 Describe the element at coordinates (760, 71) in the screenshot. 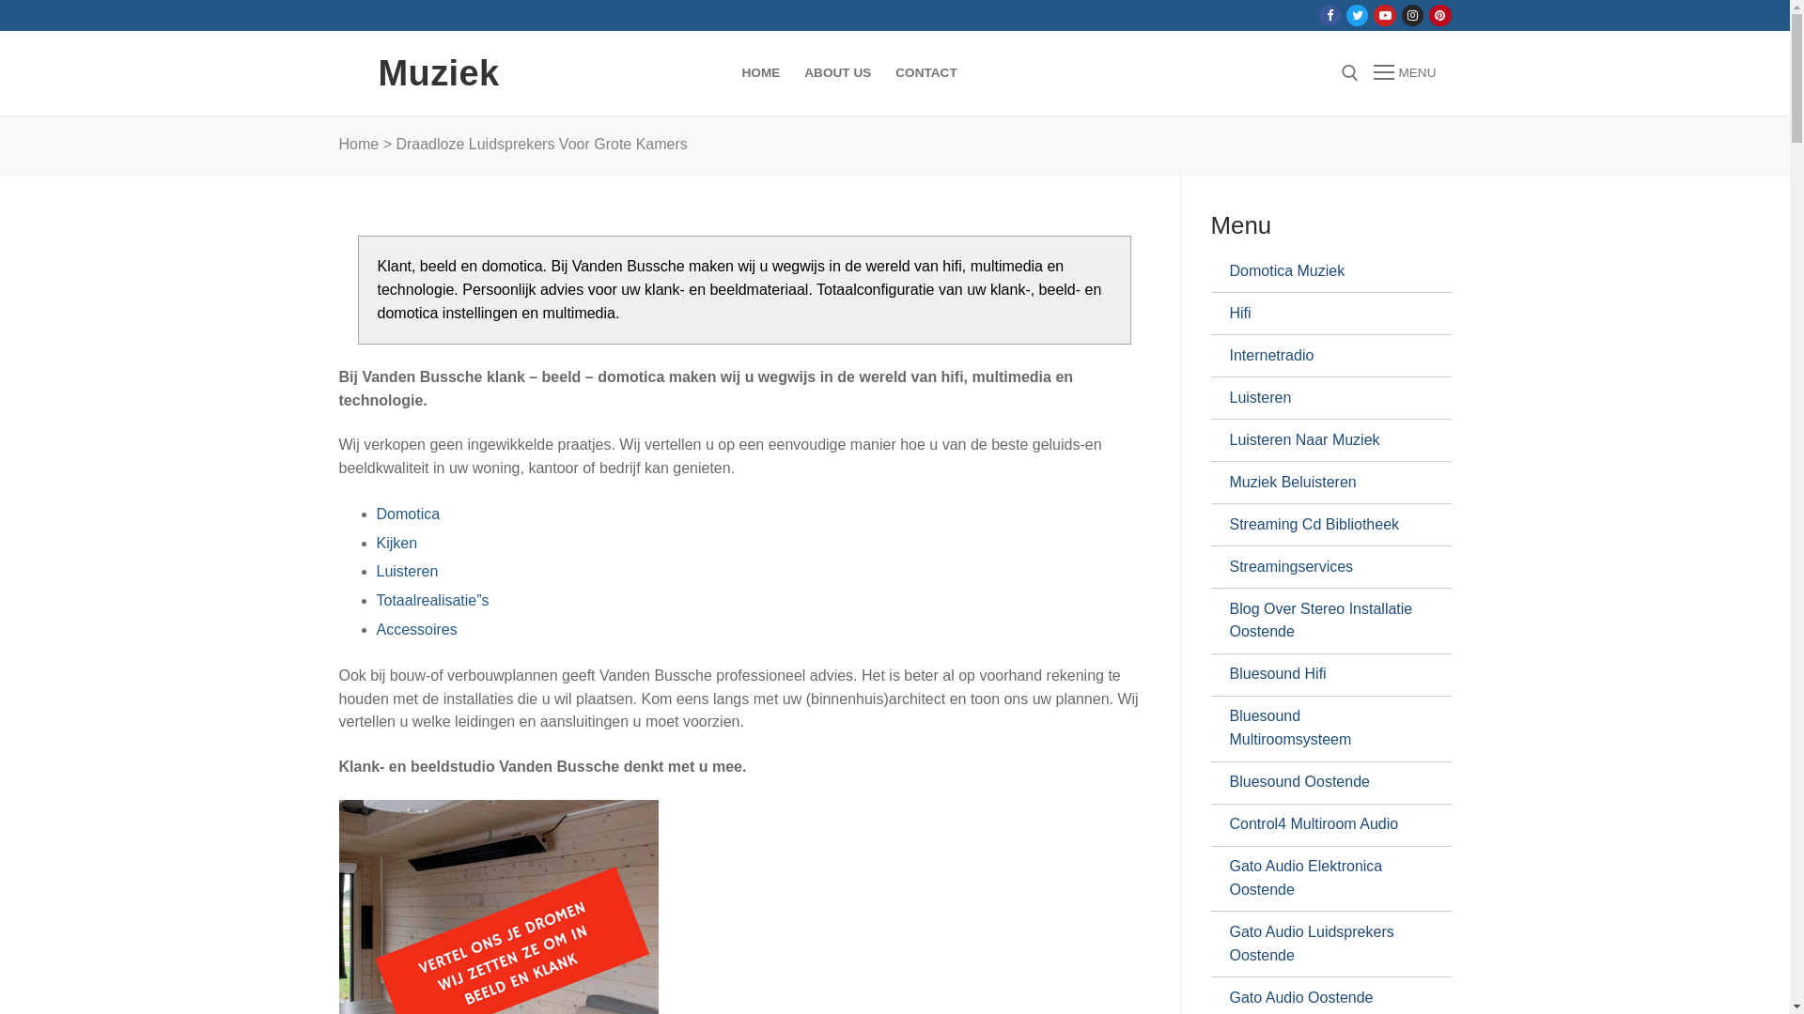

I see `'HOME'` at that location.